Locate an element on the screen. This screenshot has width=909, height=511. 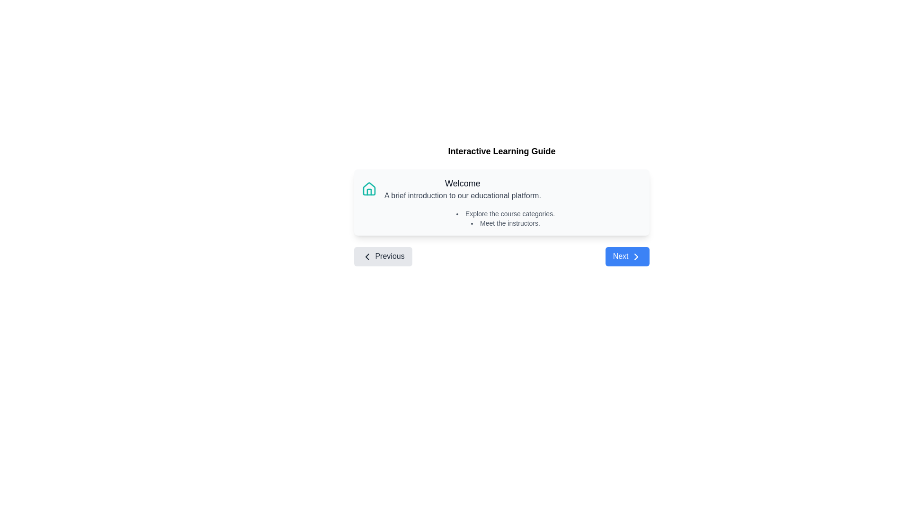
the house icon located at the top-left corner of the card-like panel that represents the home page or welcome section is located at coordinates (368, 188).